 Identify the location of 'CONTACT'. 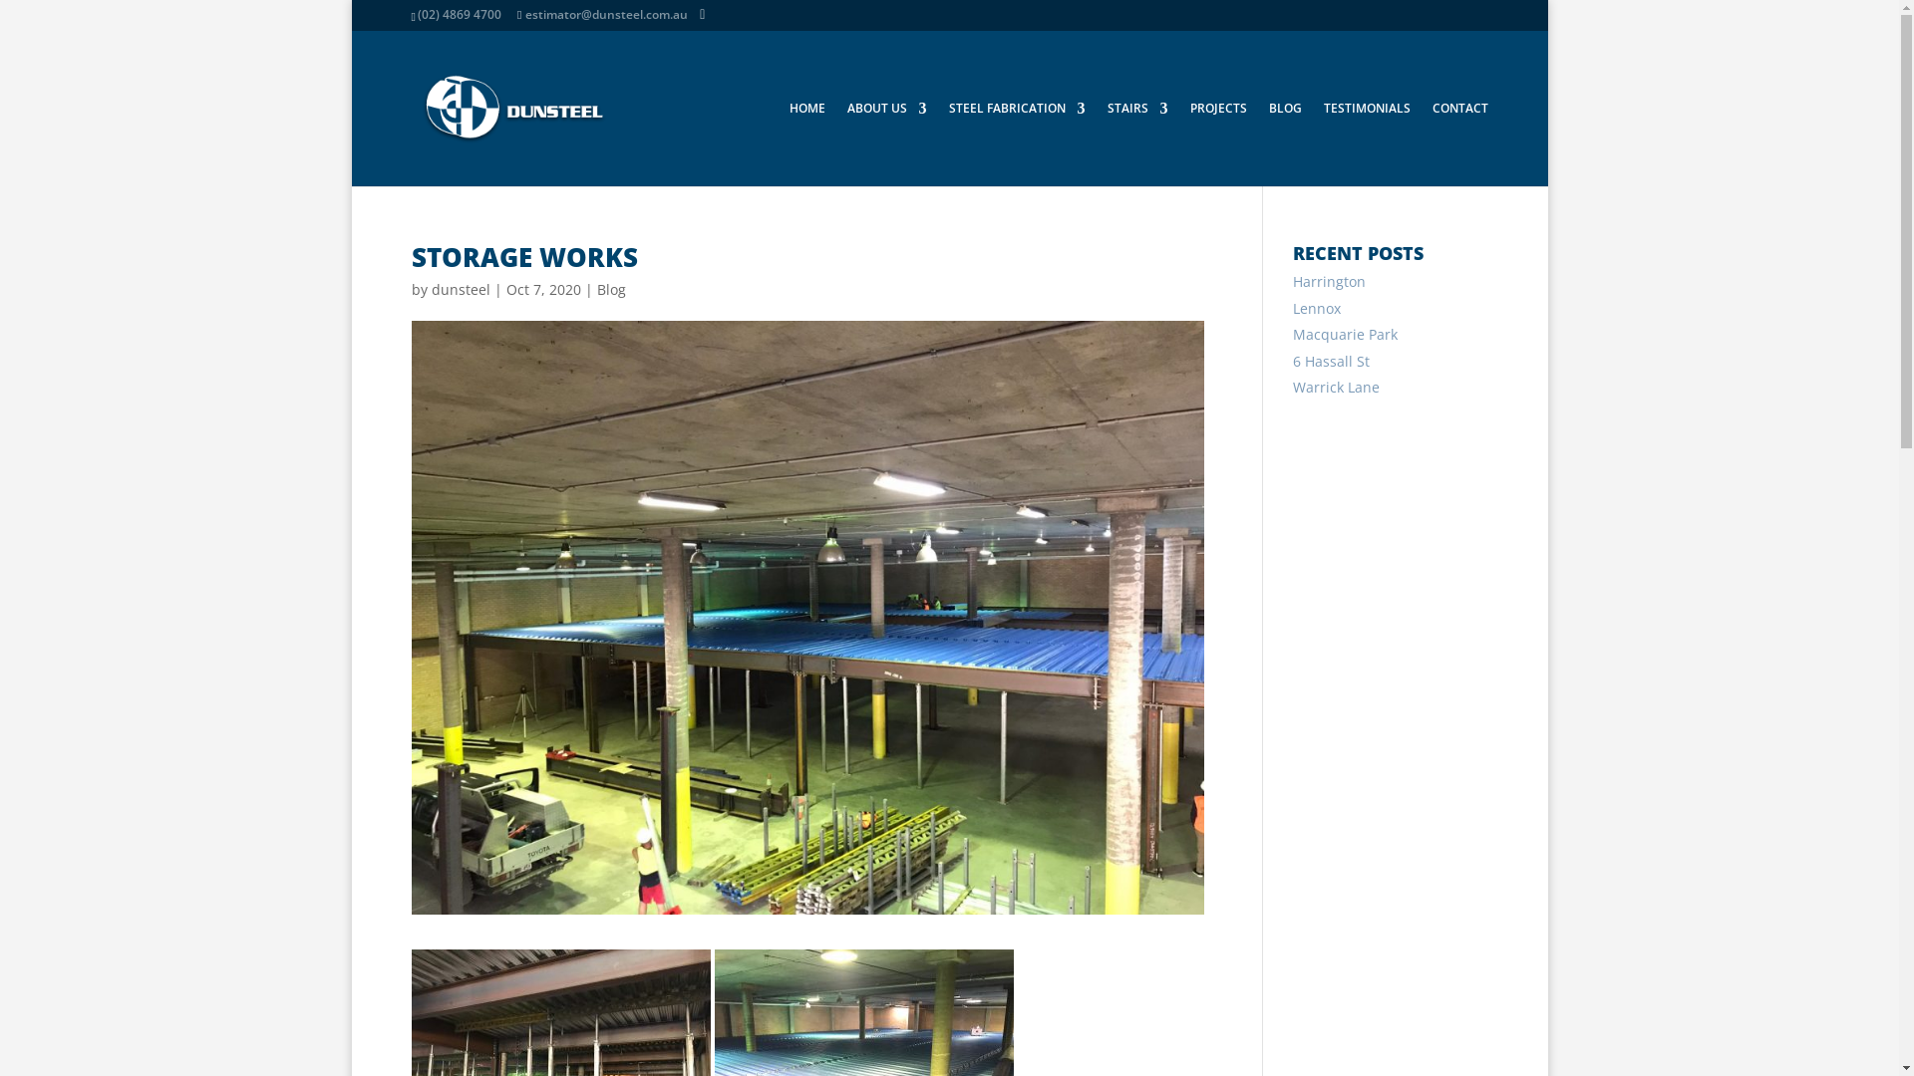
(1430, 142).